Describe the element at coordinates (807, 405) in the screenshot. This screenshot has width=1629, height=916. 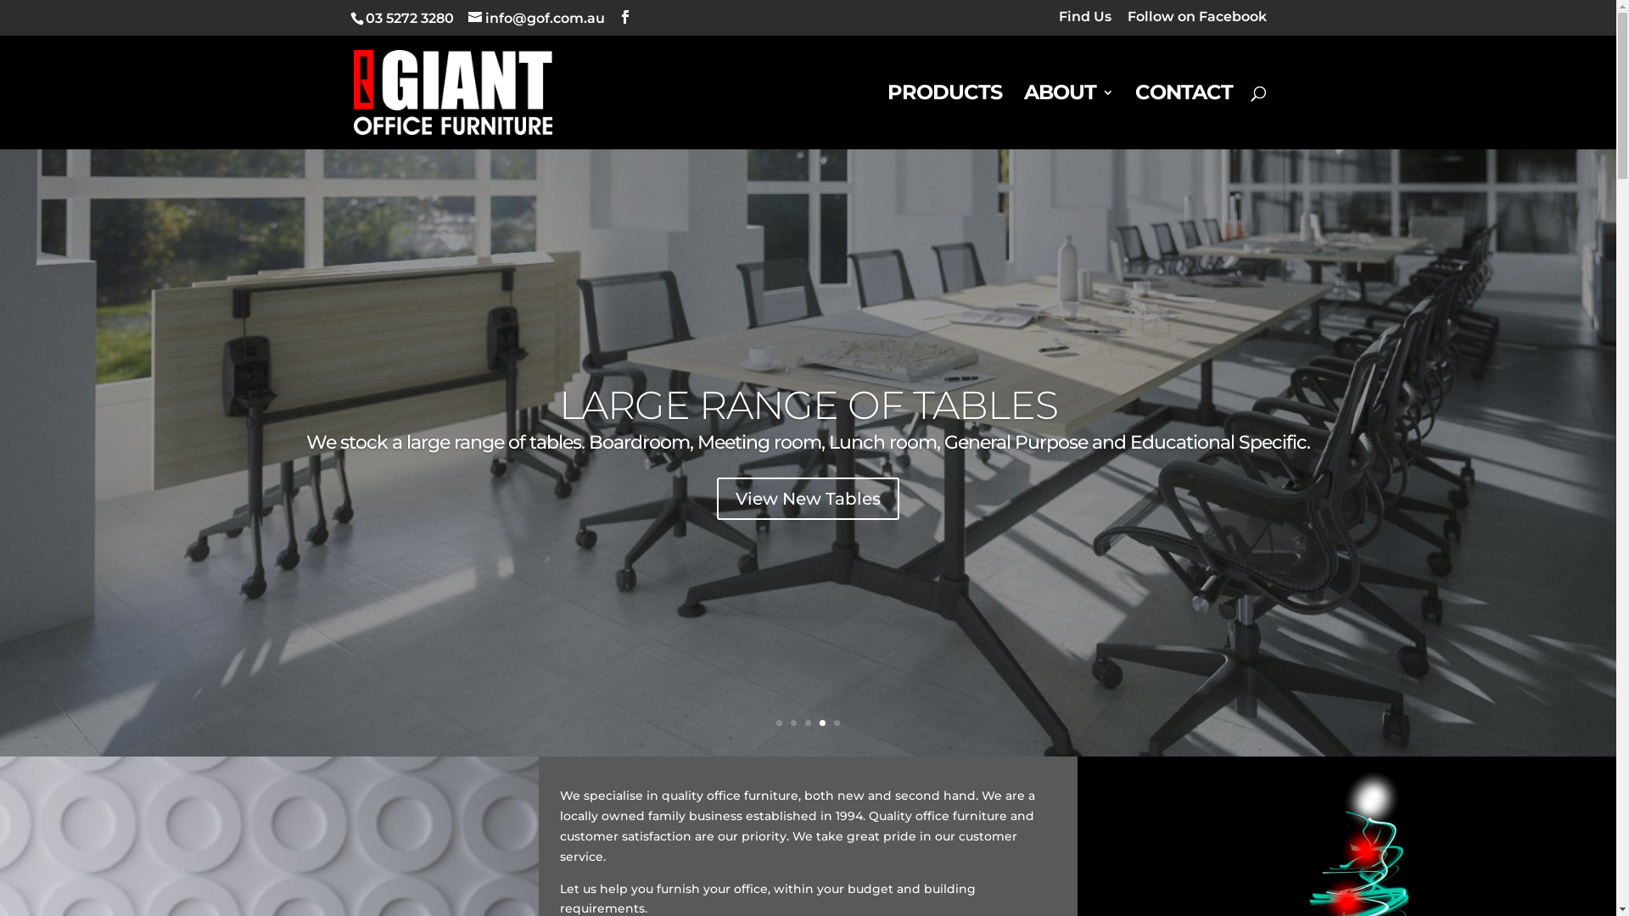
I see `'QUALITY INSTALLATION BY PROFESSIONALS'` at that location.